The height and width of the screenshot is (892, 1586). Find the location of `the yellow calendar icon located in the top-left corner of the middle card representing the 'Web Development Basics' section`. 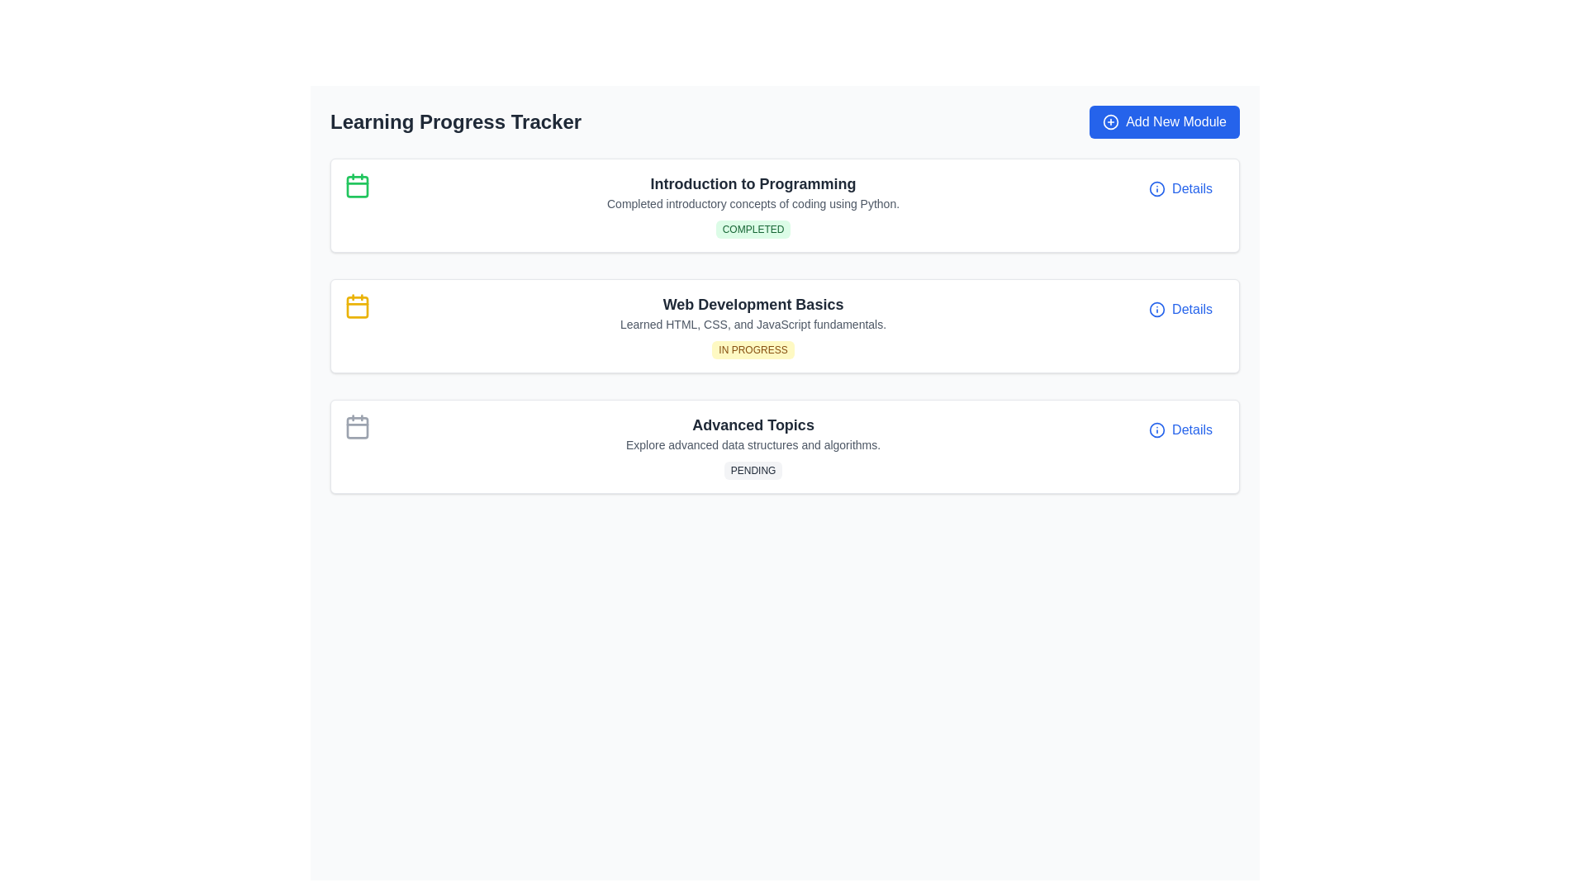

the yellow calendar icon located in the top-left corner of the middle card representing the 'Web Development Basics' section is located at coordinates (356, 306).